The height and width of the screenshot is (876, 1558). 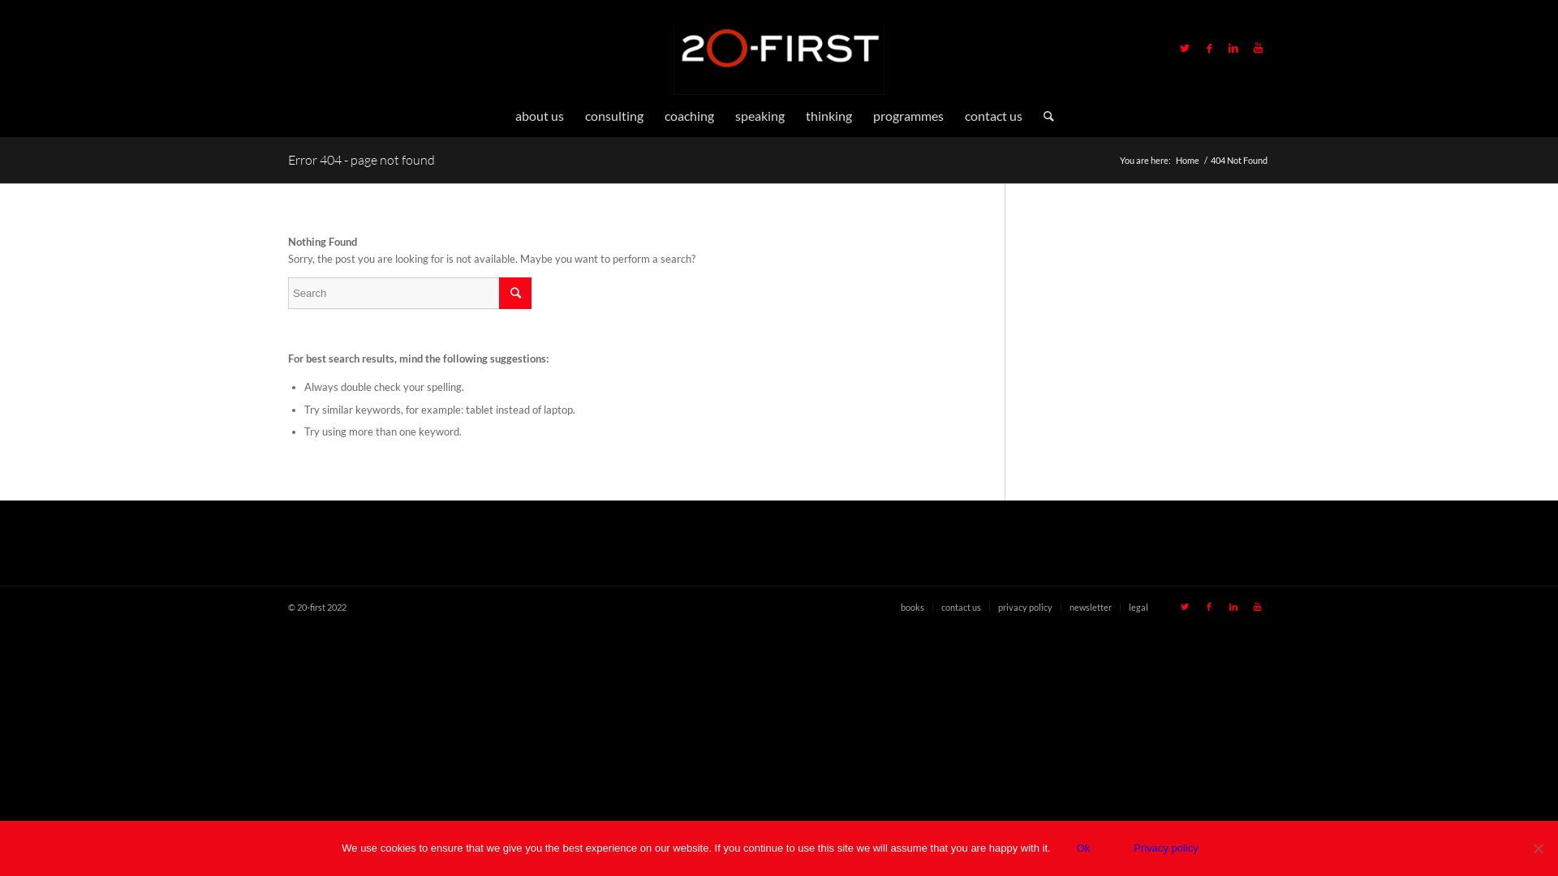 What do you see at coordinates (961, 607) in the screenshot?
I see `'contact us'` at bounding box center [961, 607].